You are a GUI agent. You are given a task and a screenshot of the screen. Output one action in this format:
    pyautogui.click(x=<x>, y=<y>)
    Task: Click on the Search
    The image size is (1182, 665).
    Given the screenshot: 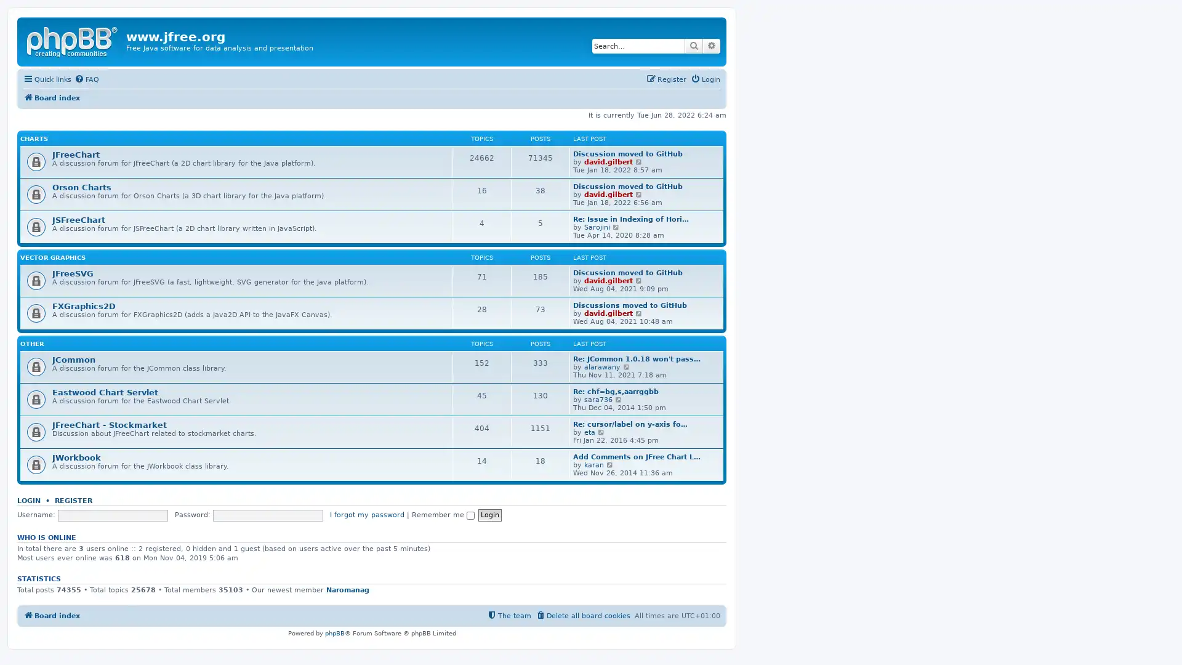 What is the action you would take?
    pyautogui.click(x=694, y=45)
    